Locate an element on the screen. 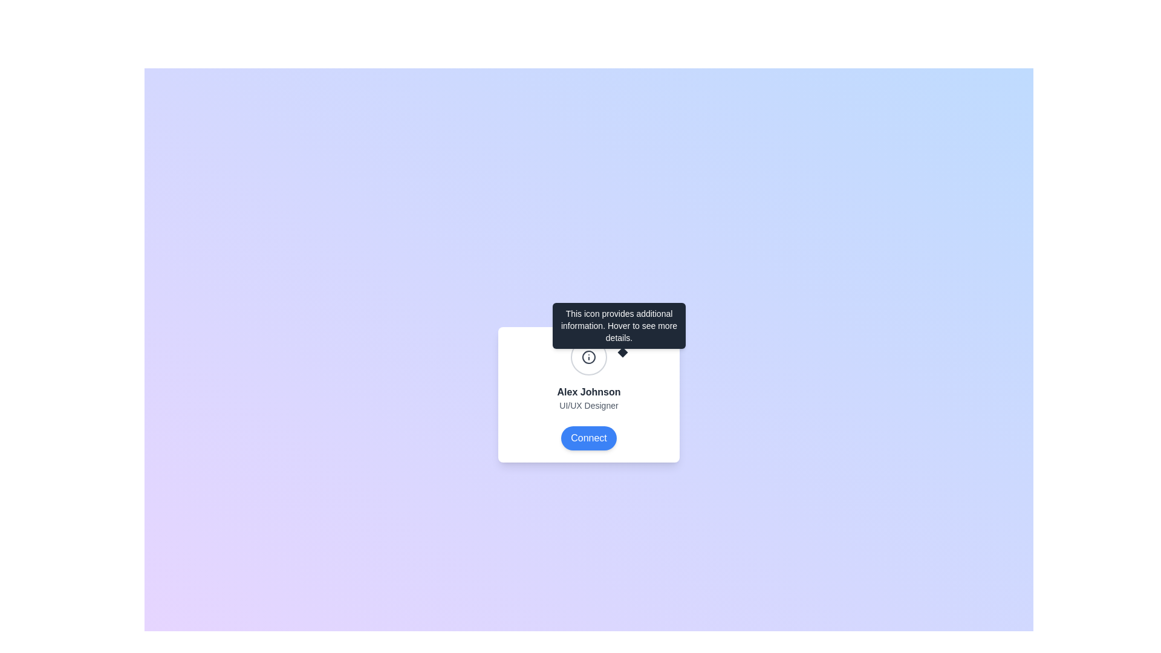 This screenshot has width=1161, height=653. the tooltip that provides auxiliary information about the associated 'i' information icon in the user profile section to read the message is located at coordinates (619, 325).